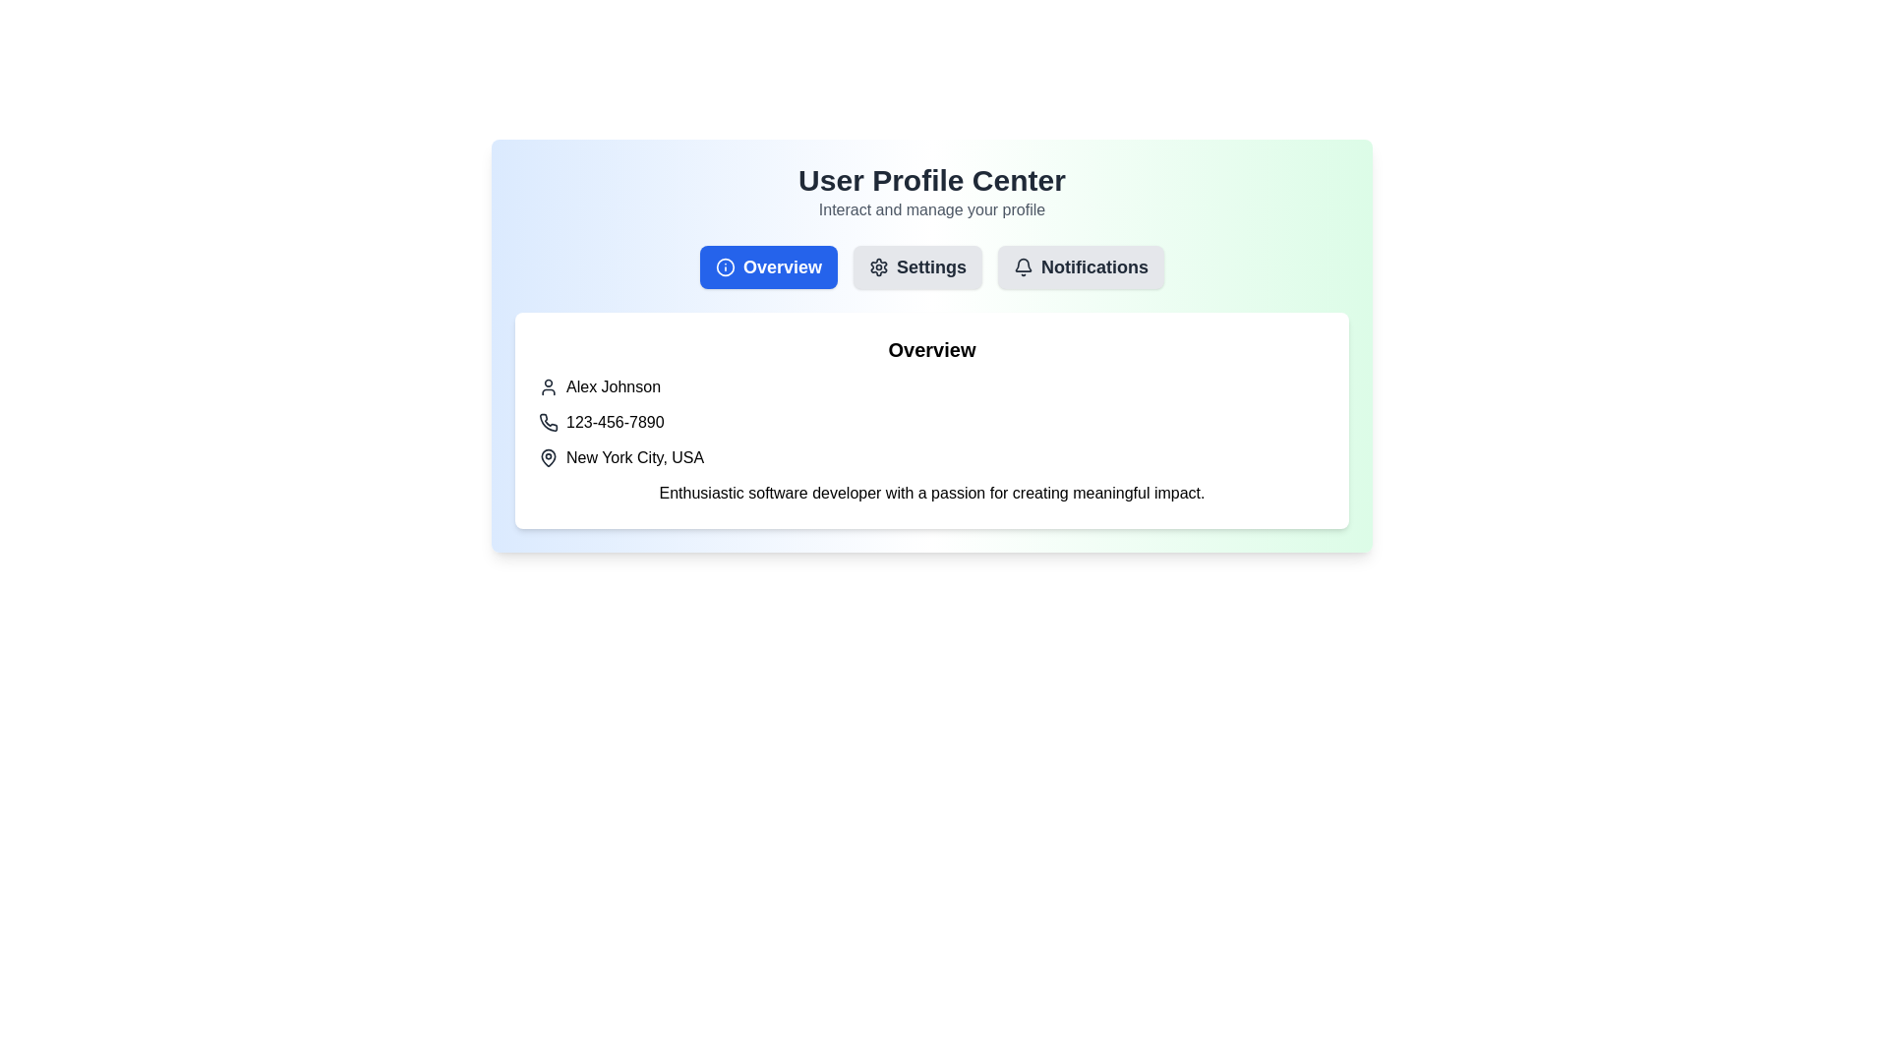 The height and width of the screenshot is (1062, 1888). Describe the element at coordinates (724, 267) in the screenshot. I see `the 'Overview' button icon which provides general information or a summary section, located to the left of the text label inside the button` at that location.